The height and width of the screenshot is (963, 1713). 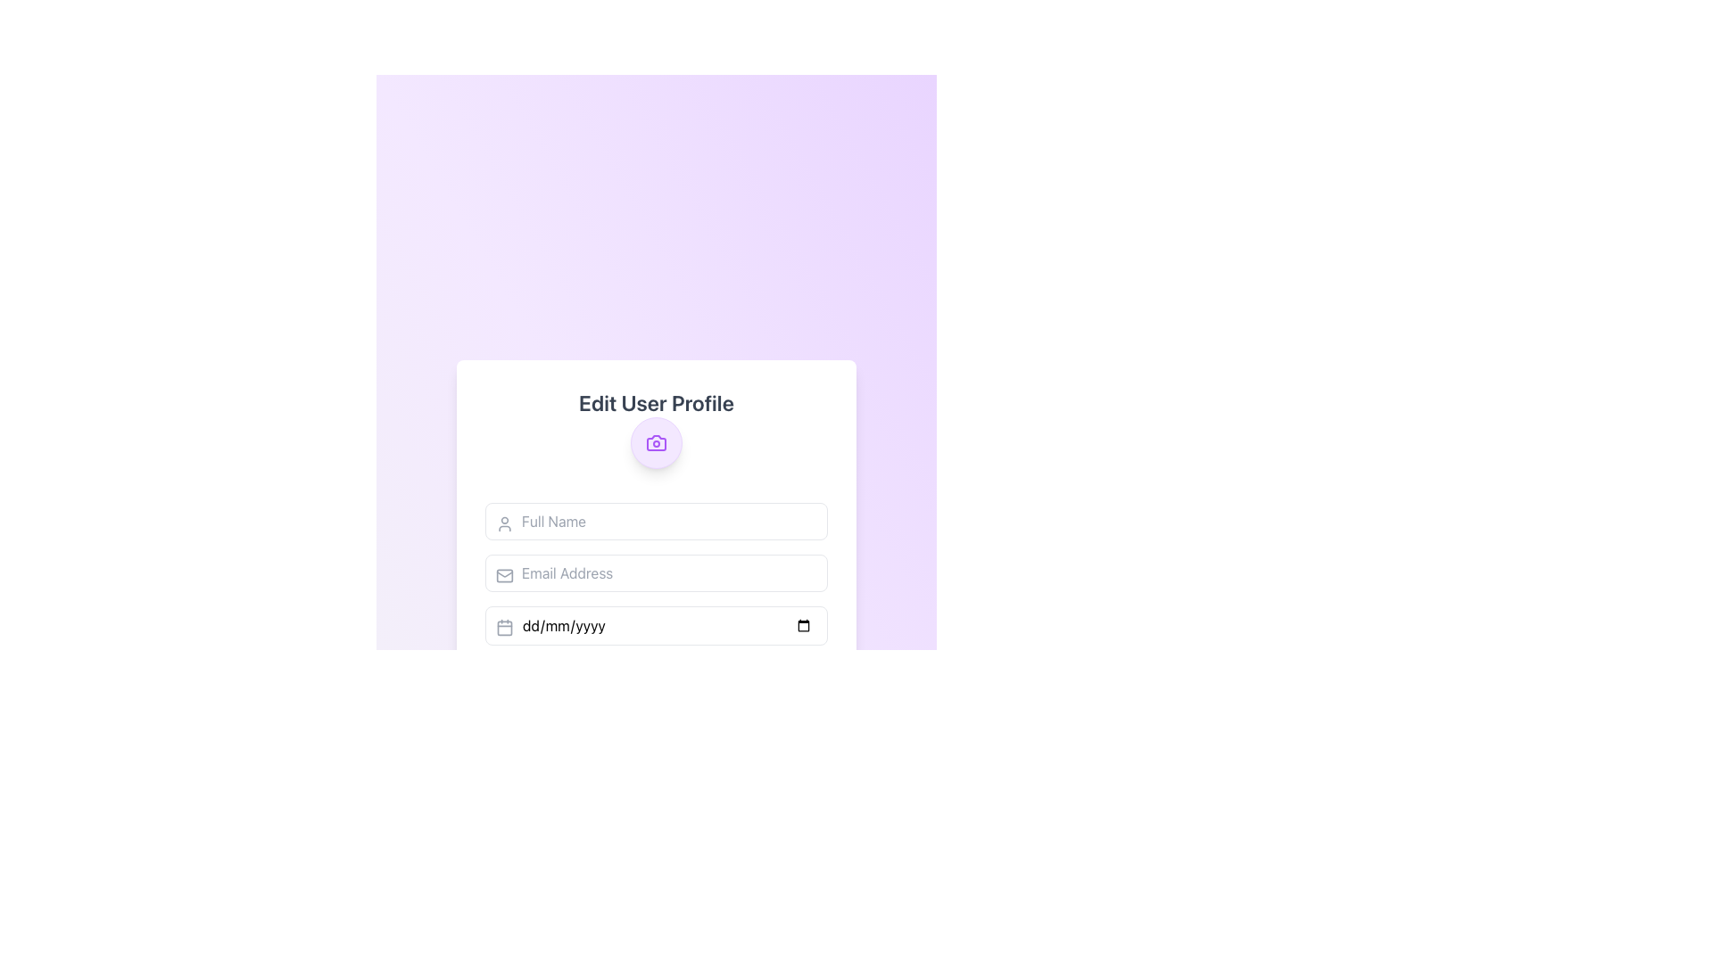 What do you see at coordinates (655, 442) in the screenshot?
I see `the profile picture upload button, which is represented by a camera icon, located below the 'Edit User Profile' text` at bounding box center [655, 442].